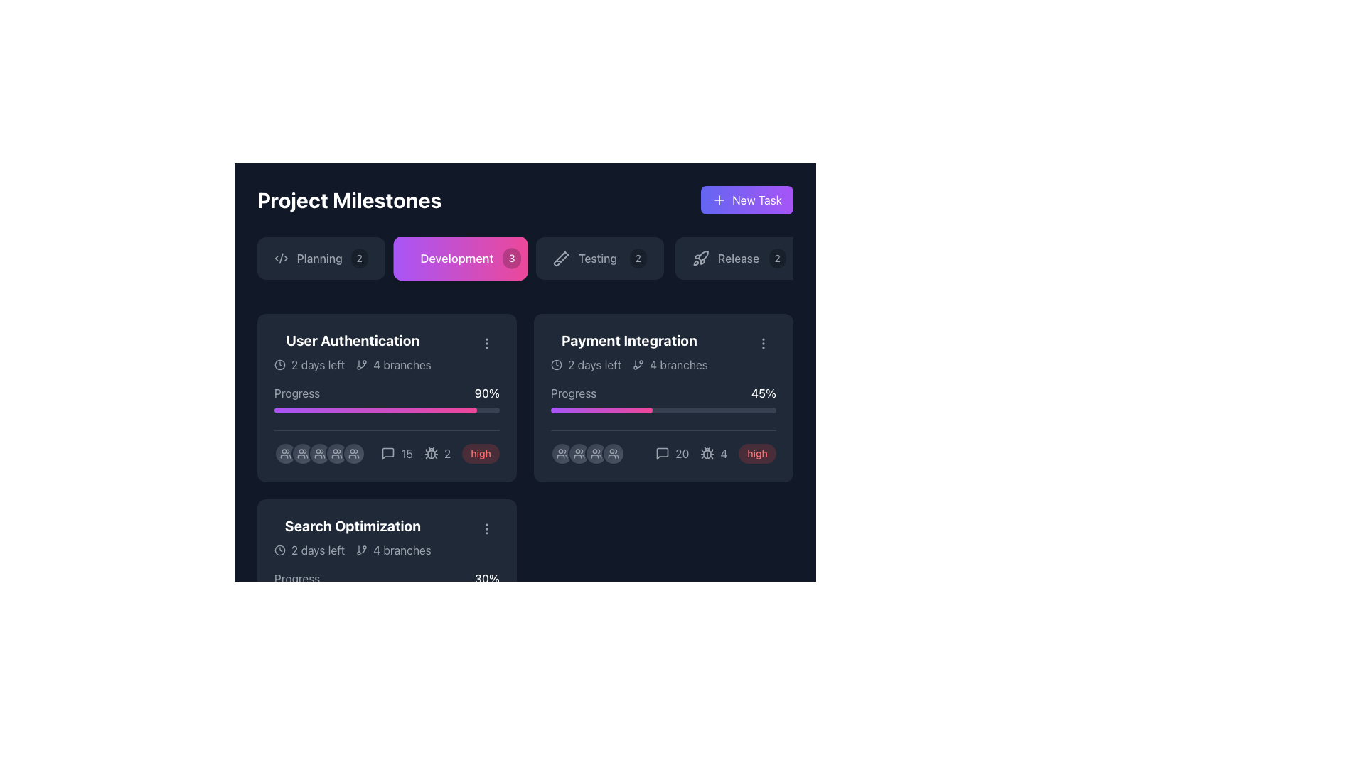 The image size is (1365, 767). Describe the element at coordinates (446, 454) in the screenshot. I see `the Text label or numeric display located in the second row under the 'User Authentication' section, to the immediate right of a grouping of icons` at that location.